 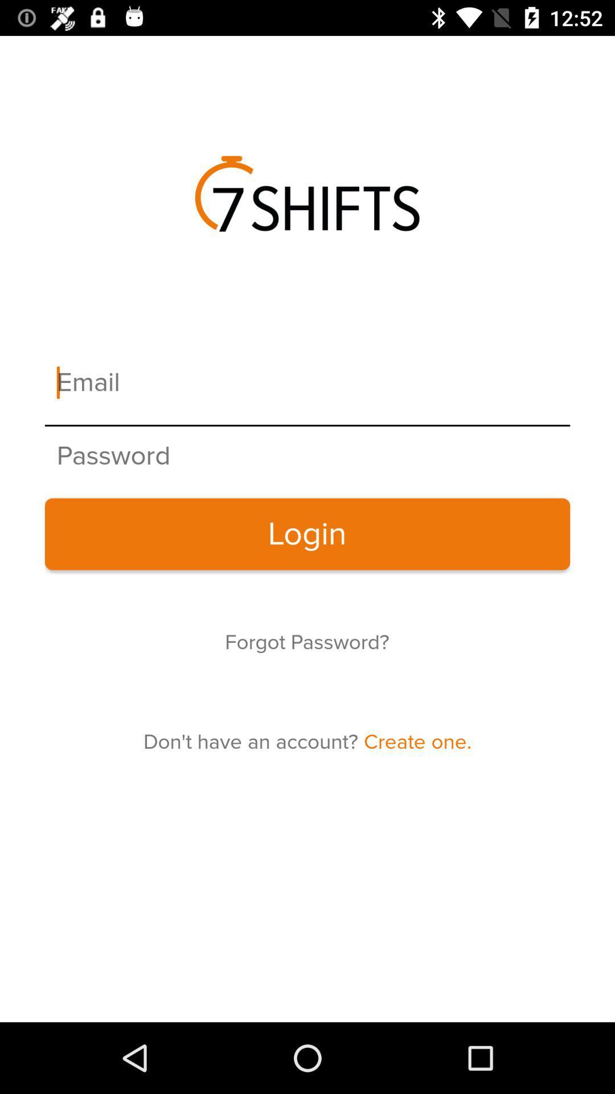 What do you see at coordinates (307, 383) in the screenshot?
I see `your email address` at bounding box center [307, 383].